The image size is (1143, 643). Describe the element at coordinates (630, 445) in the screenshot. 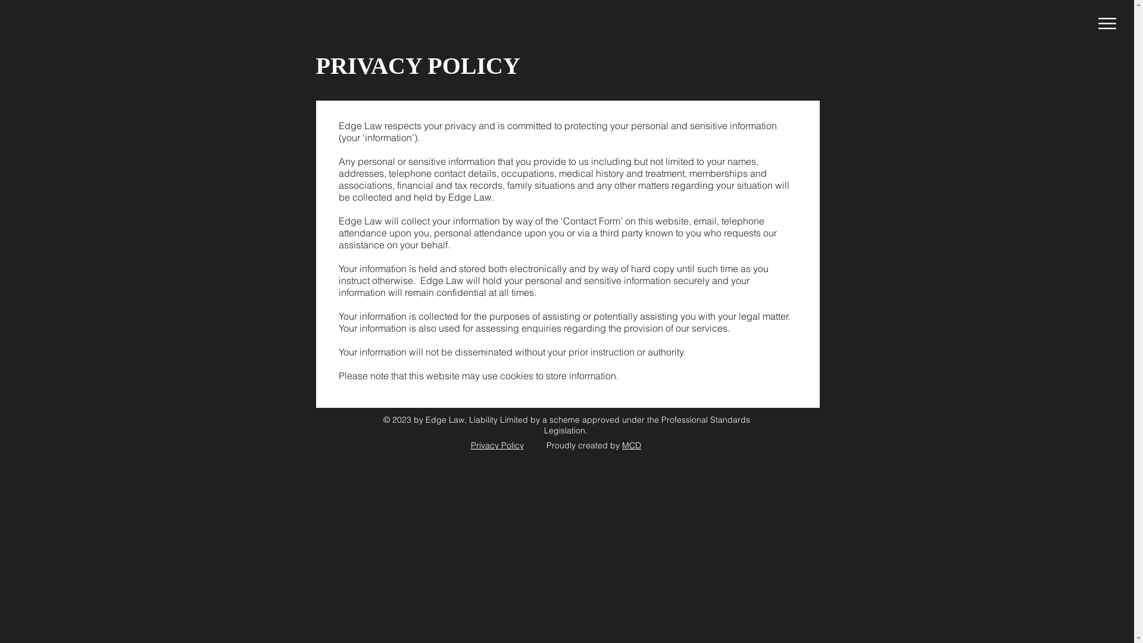

I see `'MCD'` at that location.